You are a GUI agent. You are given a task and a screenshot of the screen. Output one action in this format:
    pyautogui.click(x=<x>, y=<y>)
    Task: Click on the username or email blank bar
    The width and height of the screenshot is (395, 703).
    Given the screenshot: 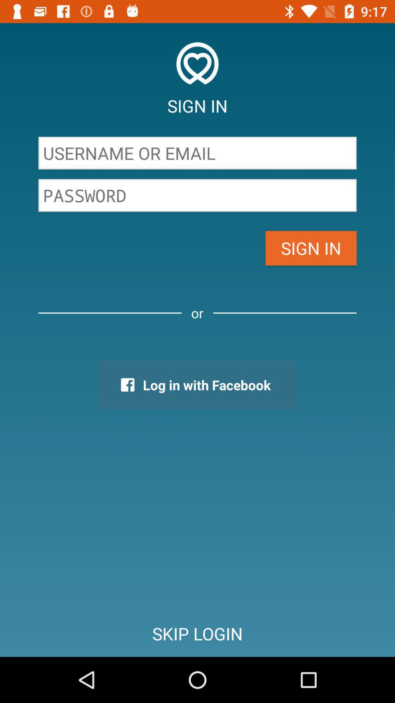 What is the action you would take?
    pyautogui.click(x=197, y=153)
    